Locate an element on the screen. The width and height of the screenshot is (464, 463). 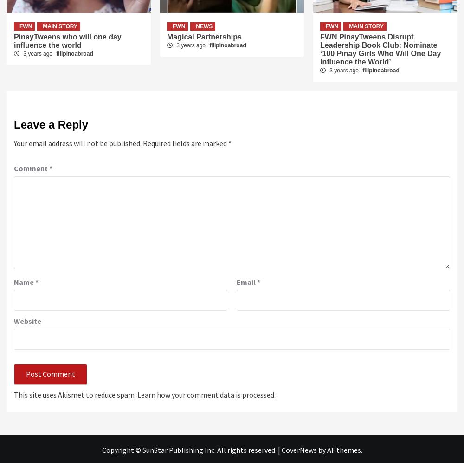
'Website' is located at coordinates (27, 320).